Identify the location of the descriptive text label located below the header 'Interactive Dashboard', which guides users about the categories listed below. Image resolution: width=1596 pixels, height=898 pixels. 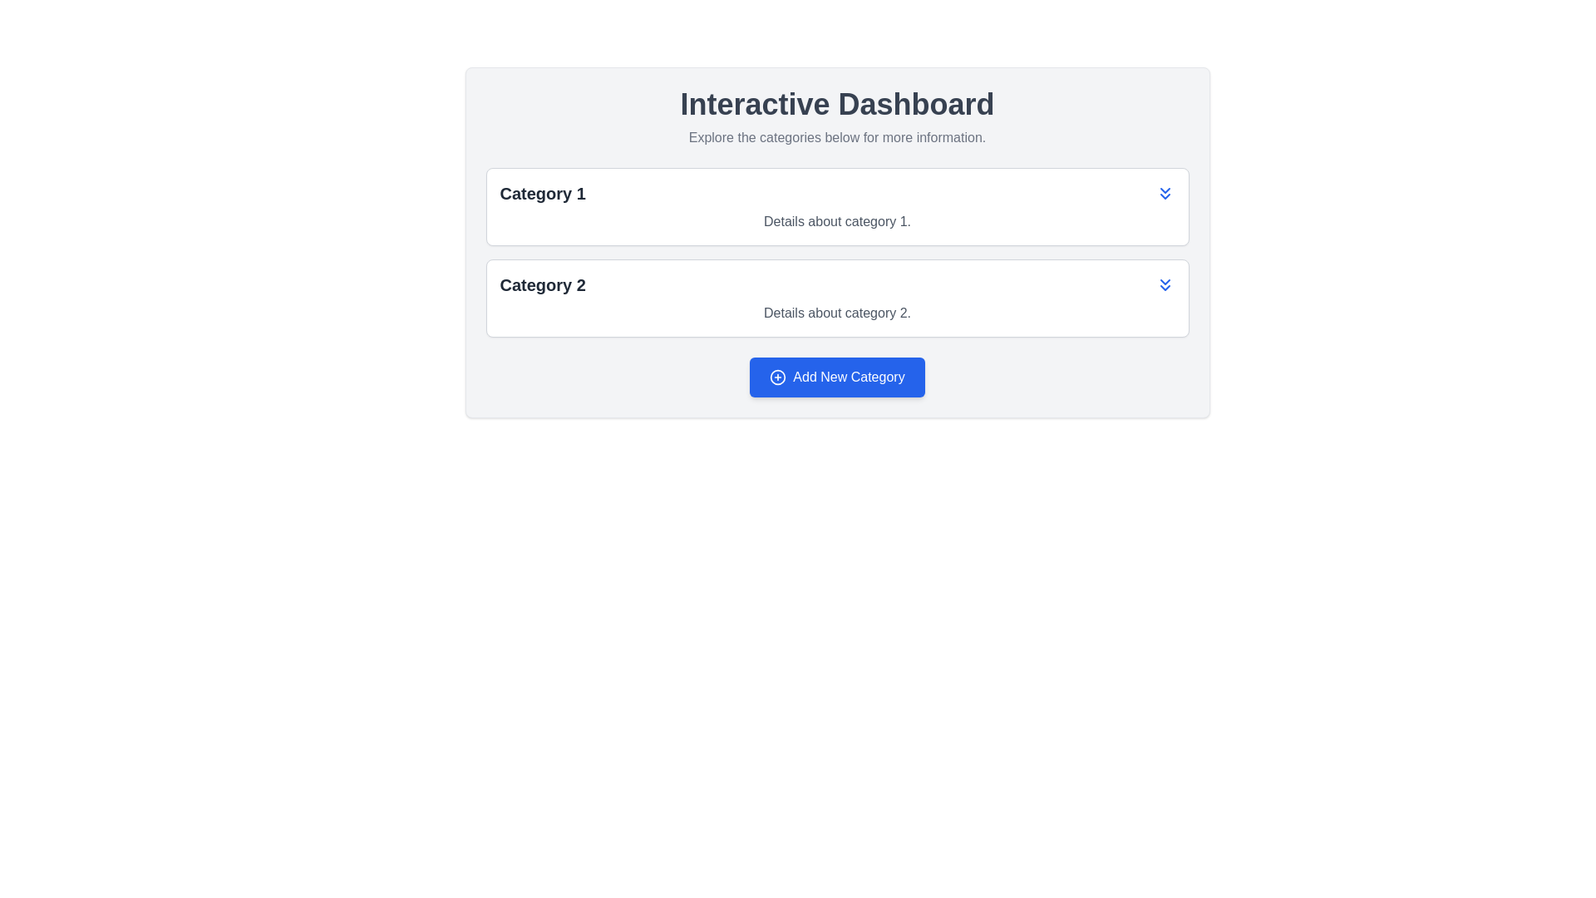
(837, 136).